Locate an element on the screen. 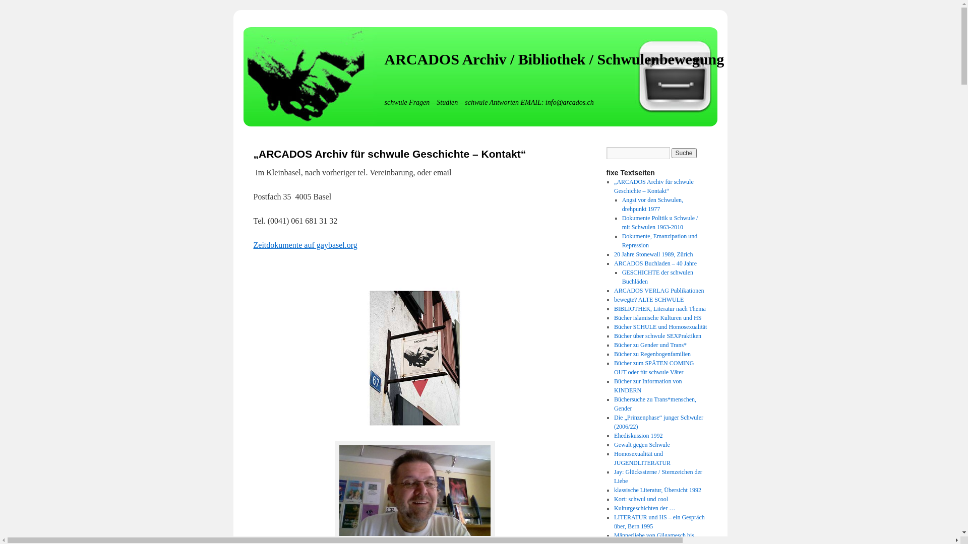 This screenshot has width=968, height=544. 'Suche' is located at coordinates (684, 153).